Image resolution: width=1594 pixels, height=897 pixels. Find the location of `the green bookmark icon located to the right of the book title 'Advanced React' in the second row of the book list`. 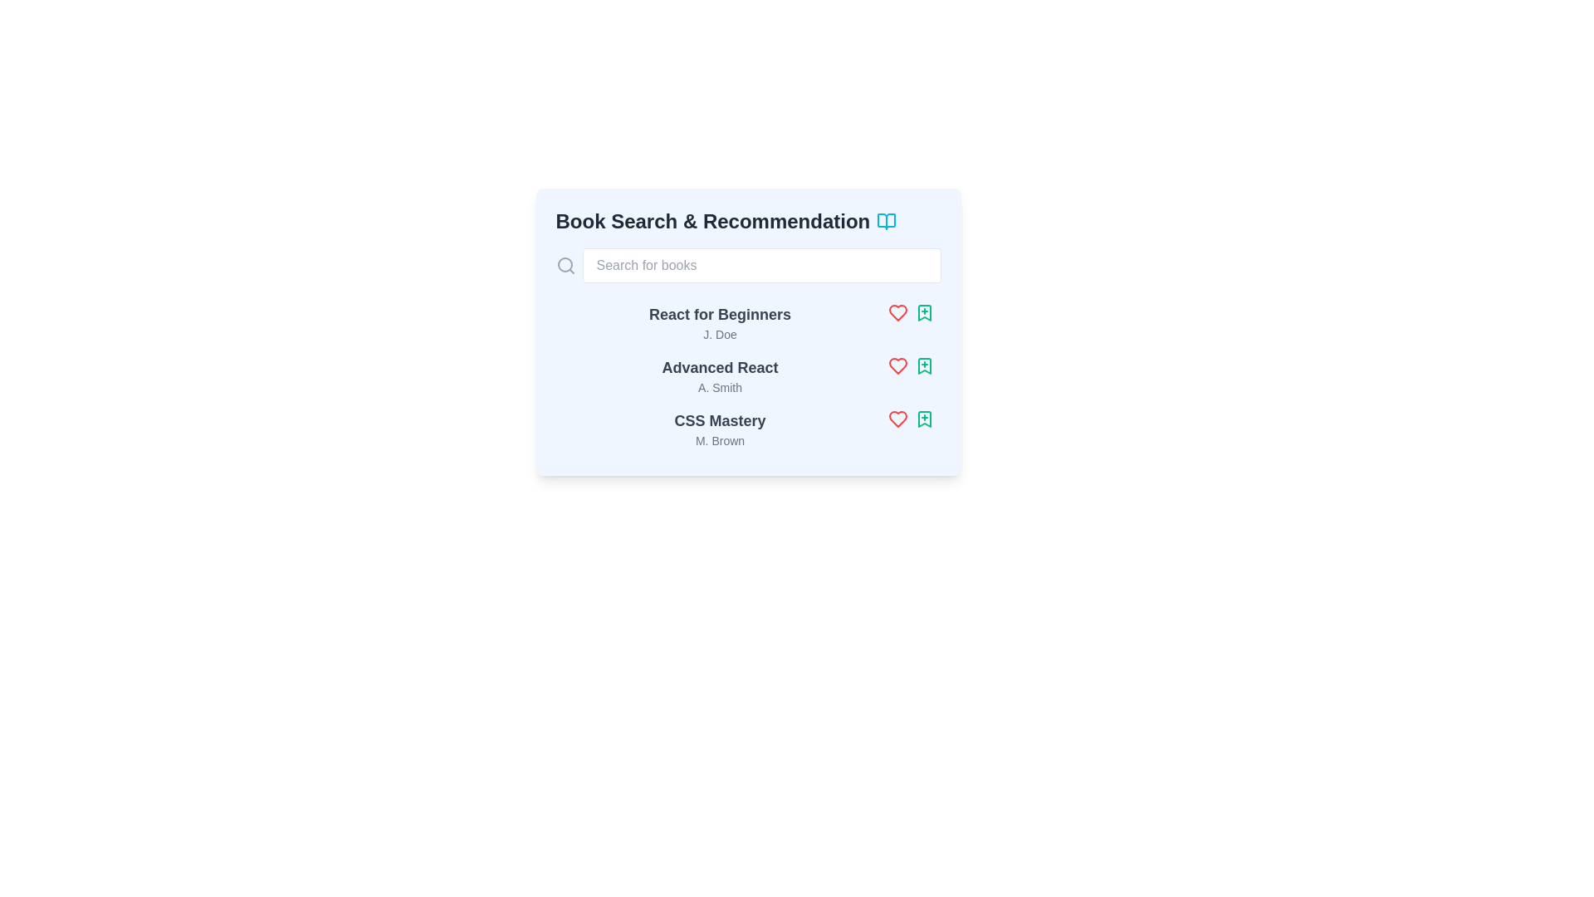

the green bookmark icon located to the right of the book title 'Advanced React' in the second row of the book list is located at coordinates (923, 365).